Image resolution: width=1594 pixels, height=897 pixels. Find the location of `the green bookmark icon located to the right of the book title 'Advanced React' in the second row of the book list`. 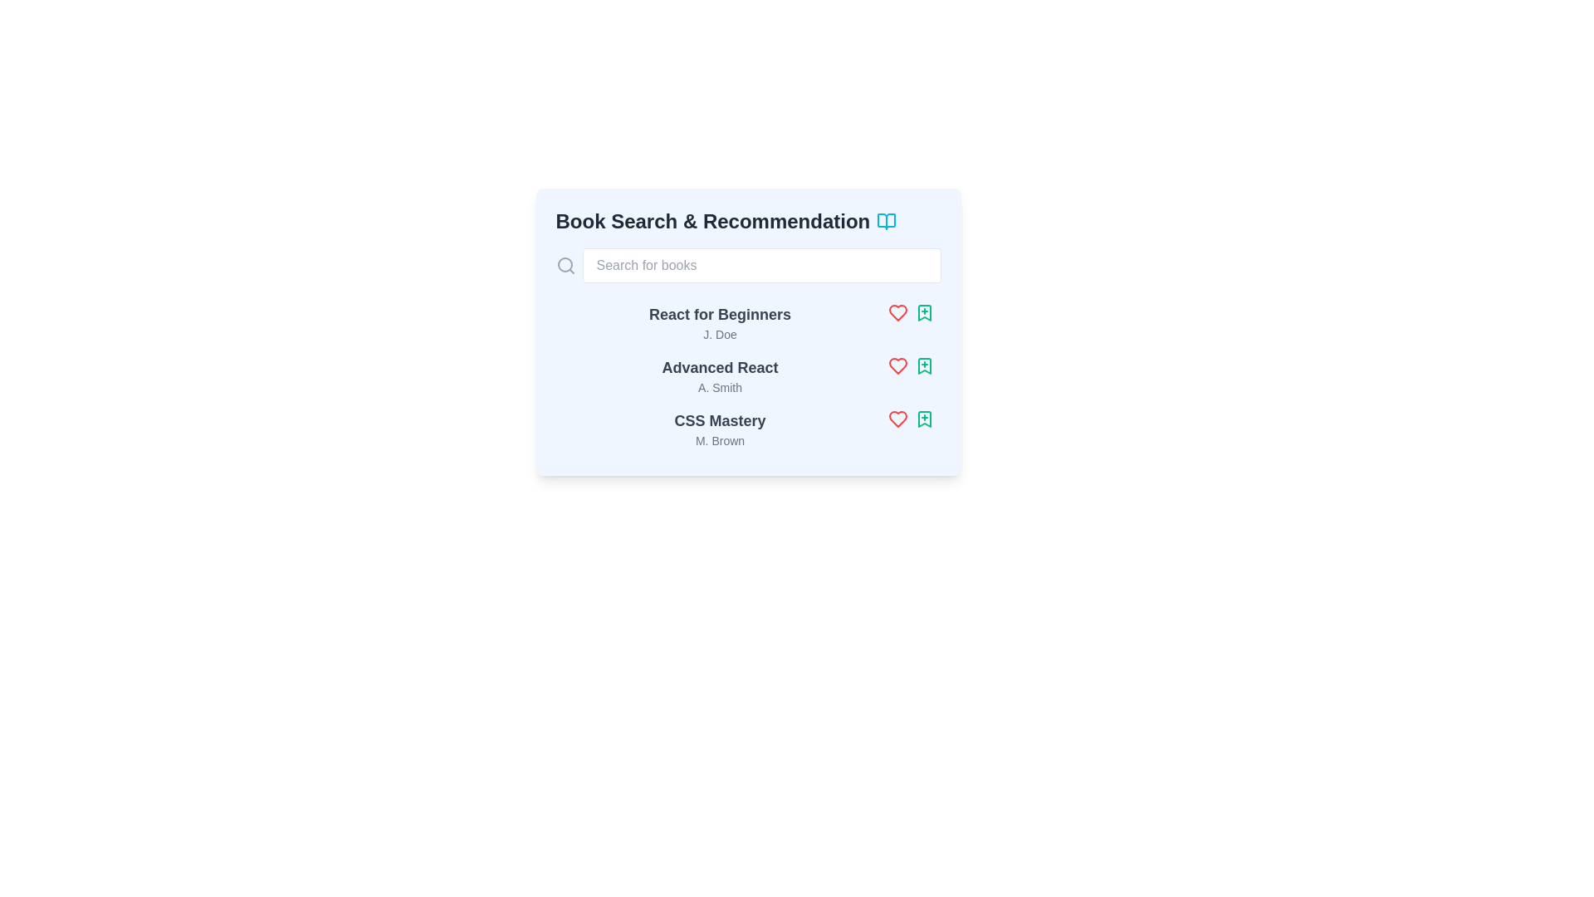

the green bookmark icon located to the right of the book title 'Advanced React' in the second row of the book list is located at coordinates (923, 365).